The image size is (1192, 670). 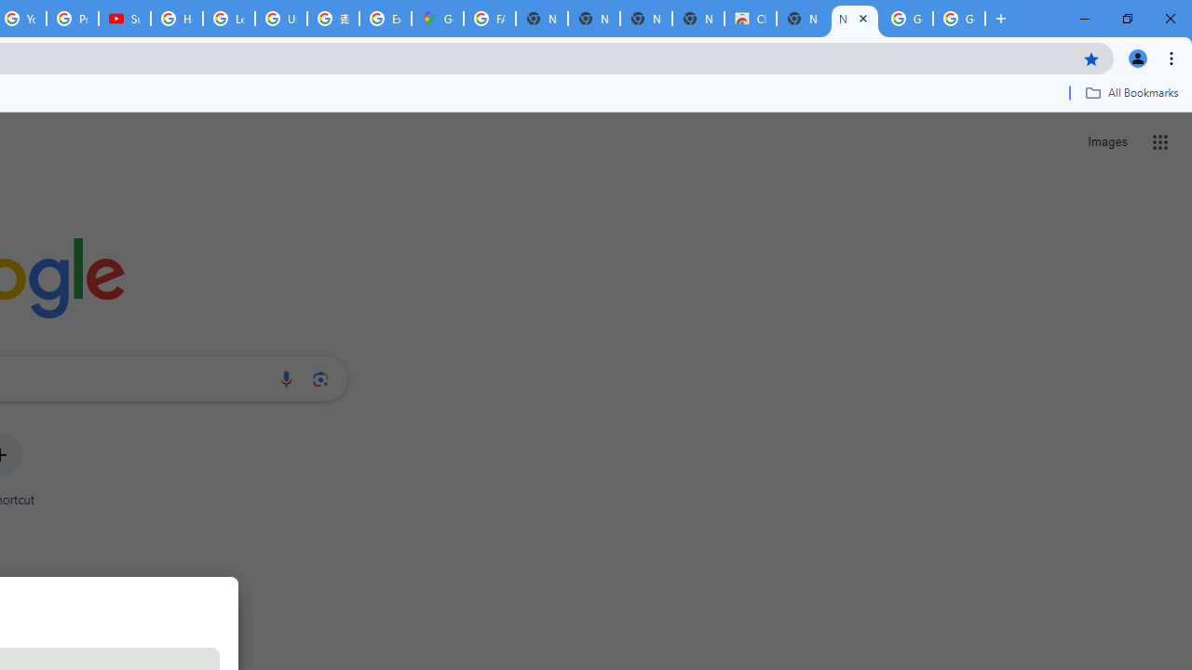 What do you see at coordinates (1131, 92) in the screenshot?
I see `'All Bookmarks'` at bounding box center [1131, 92].